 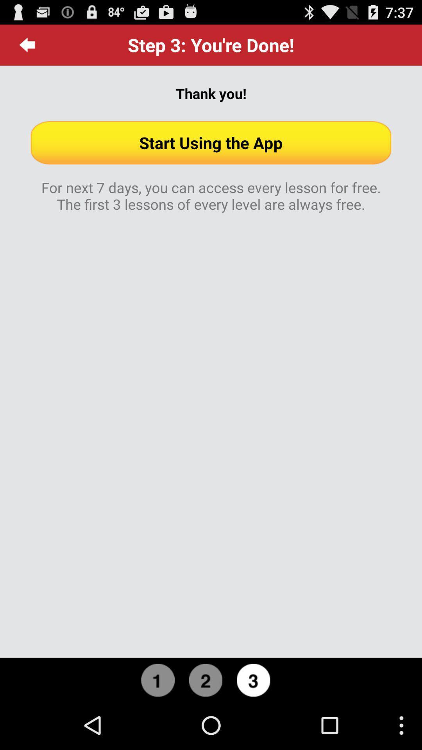 I want to click on item next to the step 3 you app, so click(x=27, y=45).